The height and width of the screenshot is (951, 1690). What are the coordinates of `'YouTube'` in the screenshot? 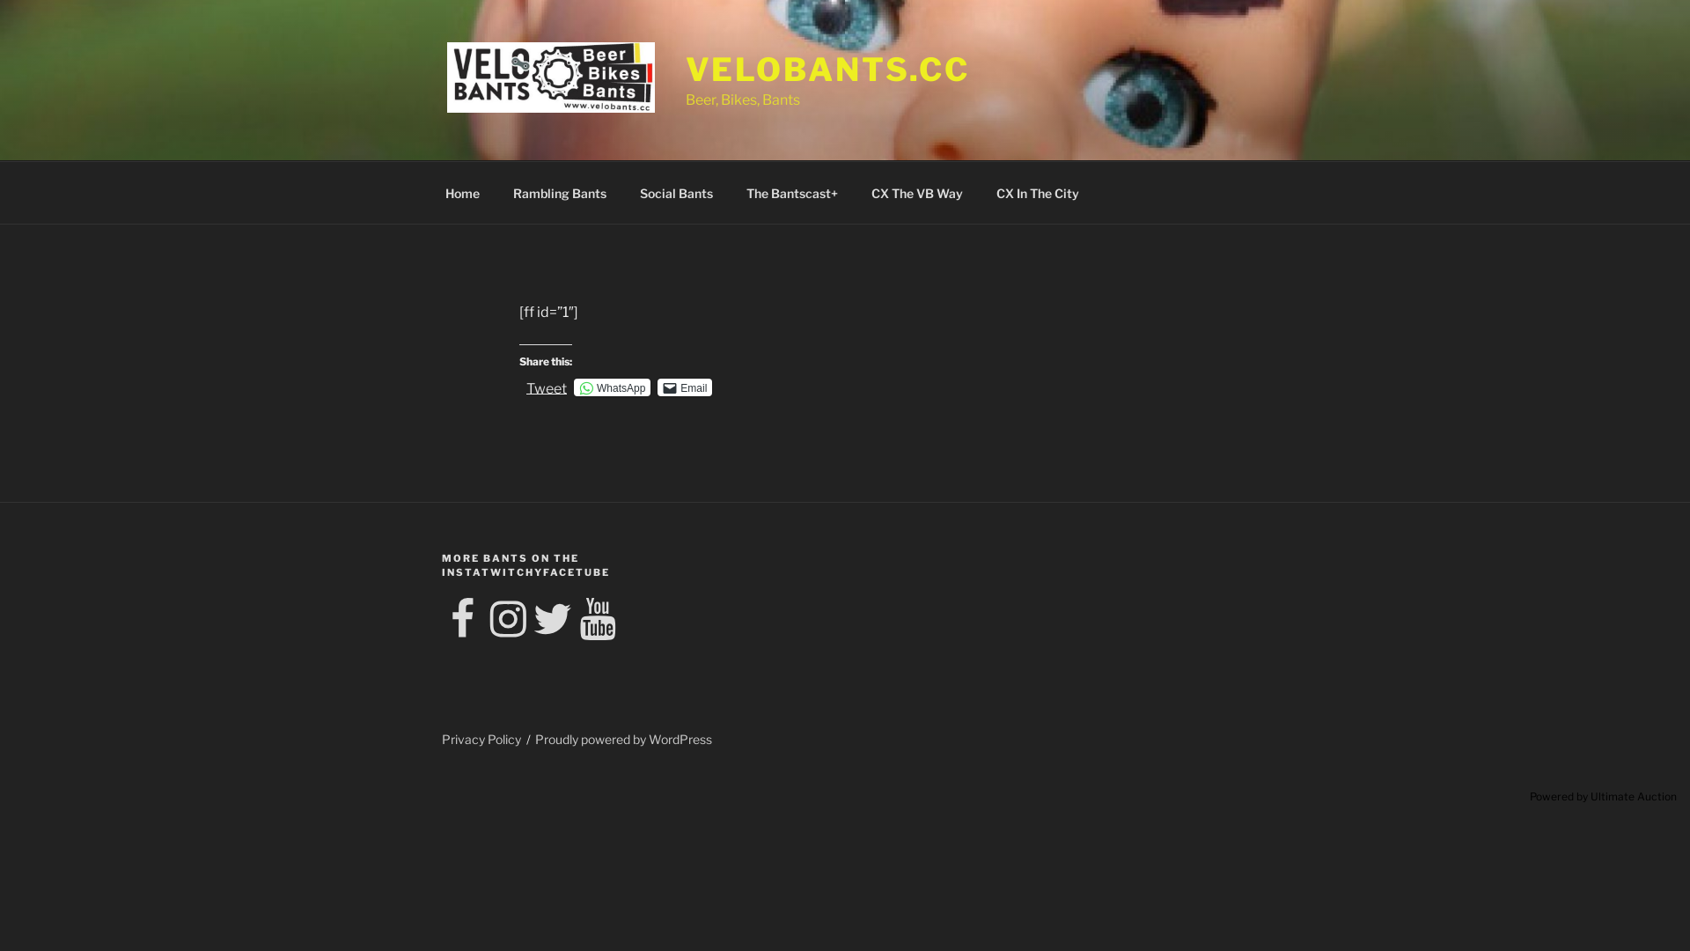 It's located at (597, 619).